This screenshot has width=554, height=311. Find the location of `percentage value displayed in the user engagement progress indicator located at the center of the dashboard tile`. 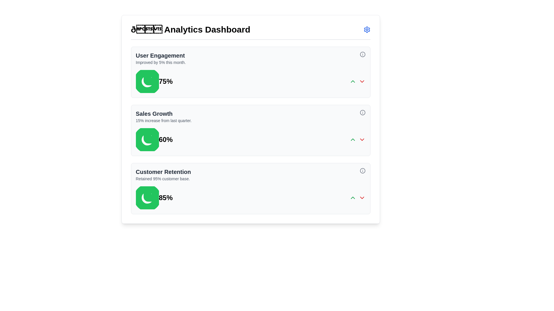

percentage value displayed in the user engagement progress indicator located at the center of the dashboard tile is located at coordinates (250, 81).